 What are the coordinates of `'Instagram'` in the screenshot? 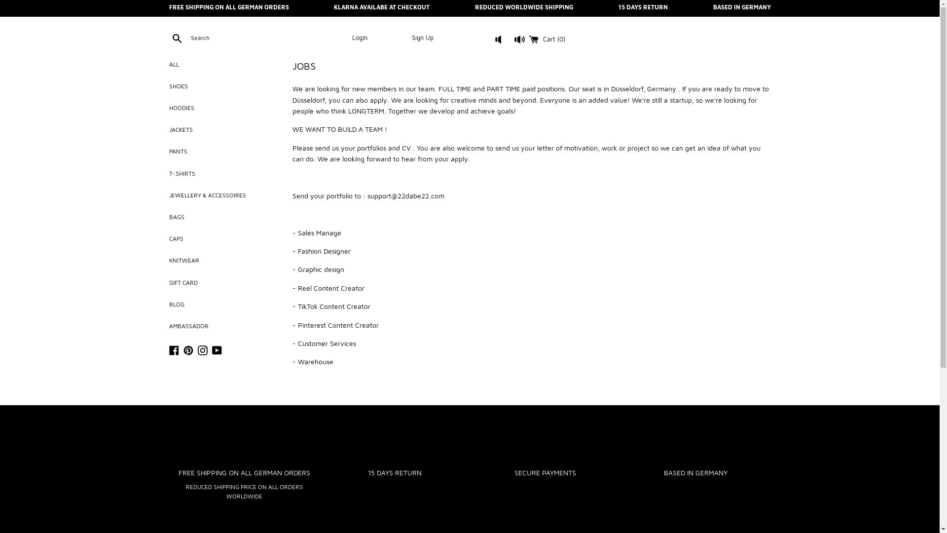 It's located at (197, 348).